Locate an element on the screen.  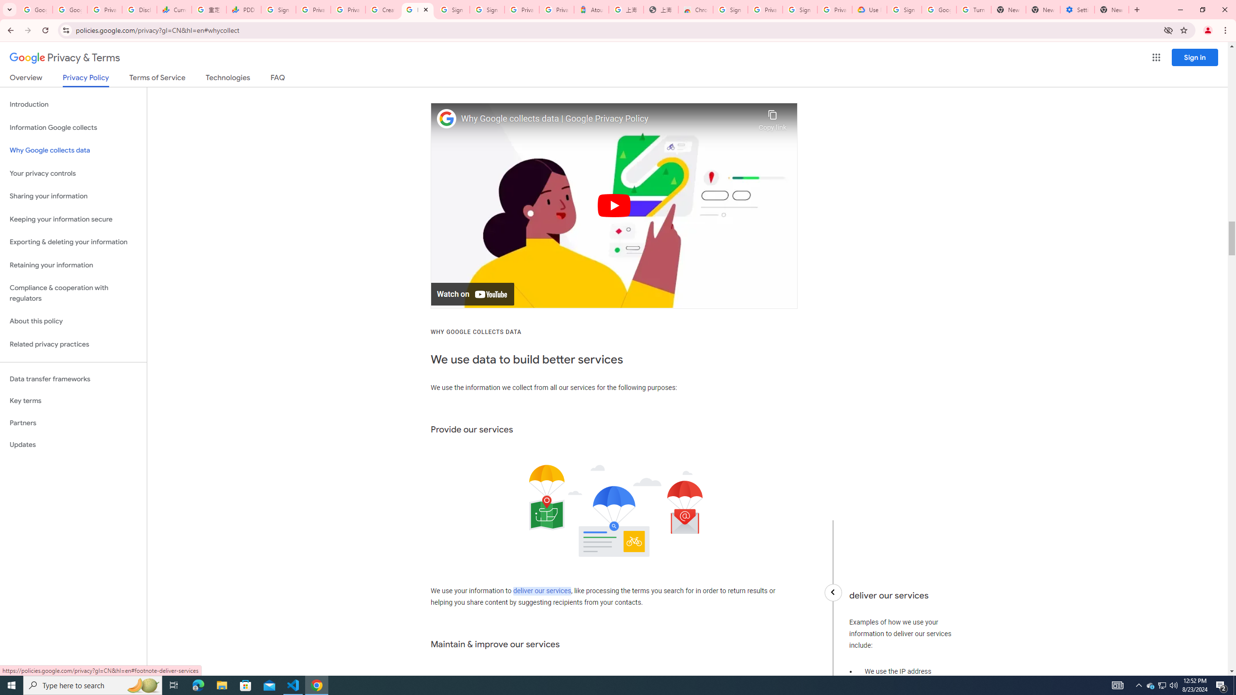
'Related privacy practices' is located at coordinates (73, 344).